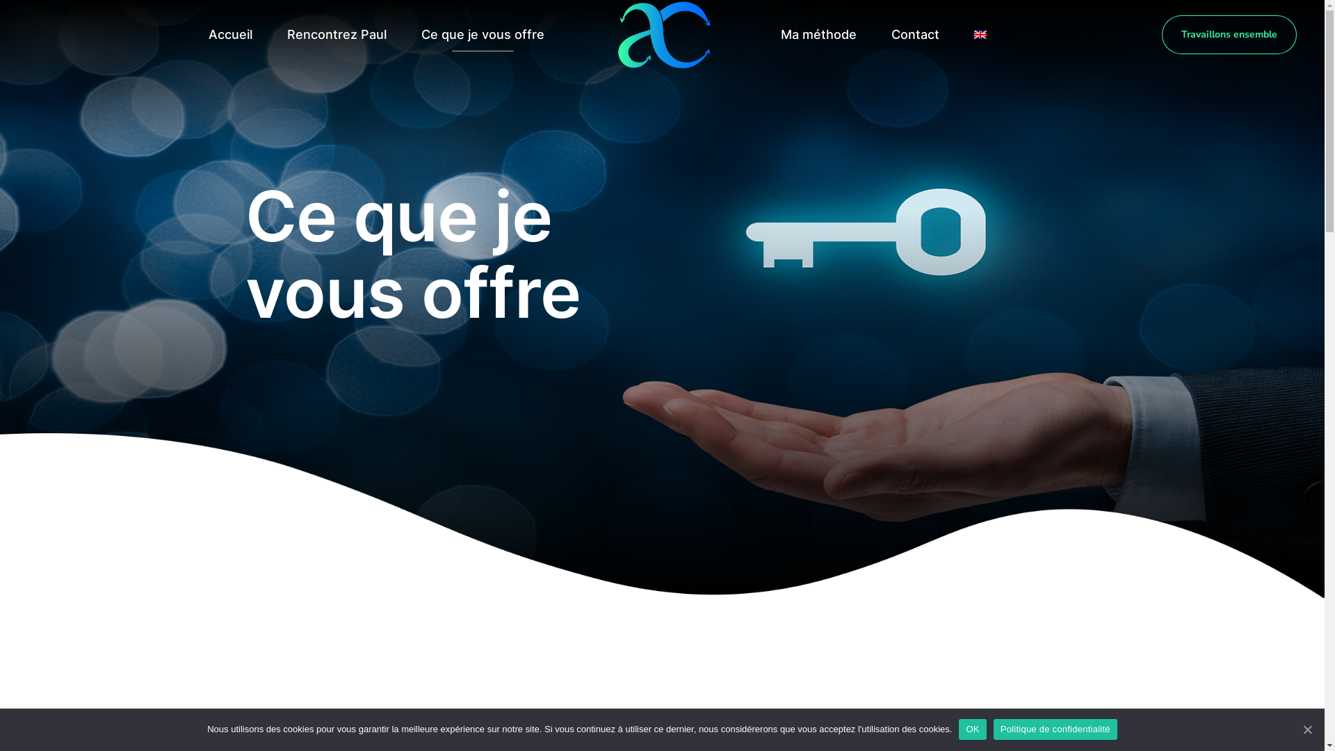 Image resolution: width=1335 pixels, height=751 pixels. Describe the element at coordinates (483, 34) in the screenshot. I see `'Ce que je vous offre'` at that location.